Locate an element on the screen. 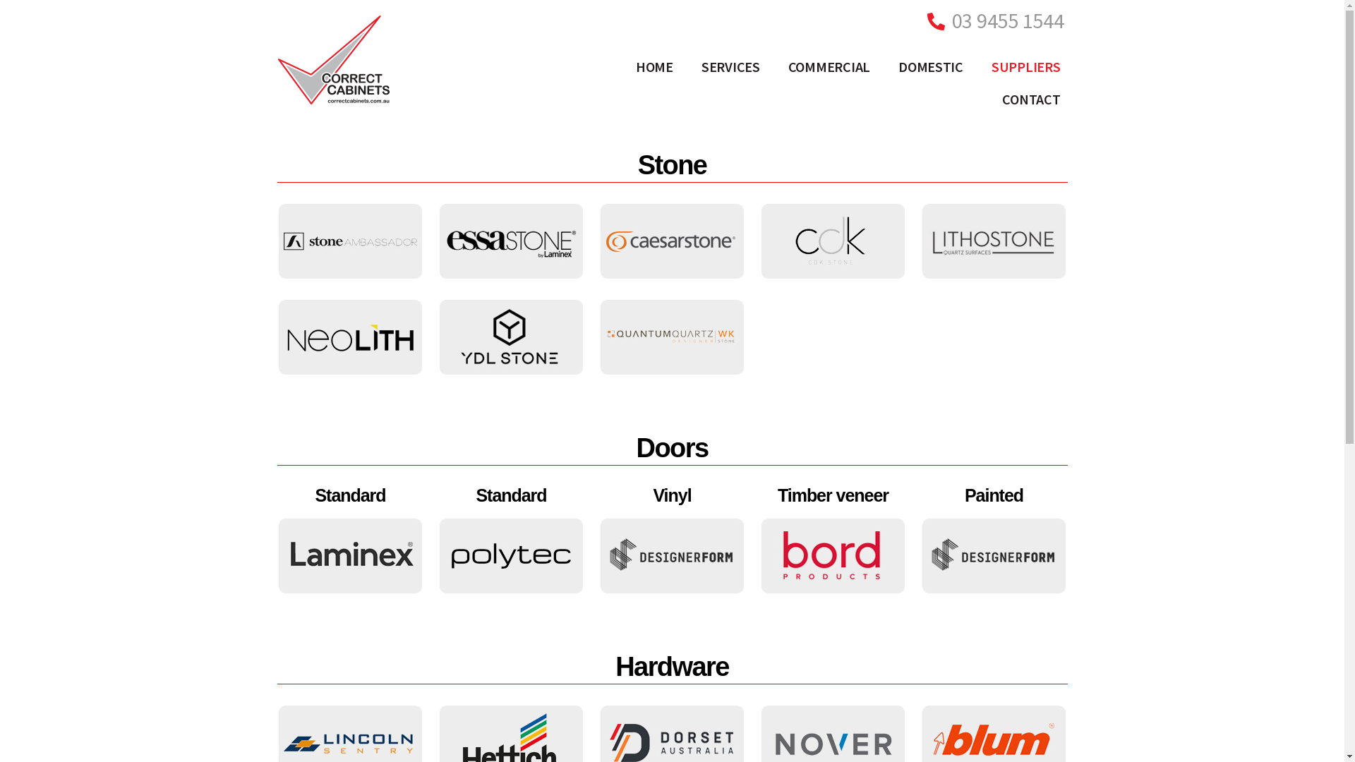 This screenshot has width=1355, height=762. 'SERVICES' is located at coordinates (730, 67).